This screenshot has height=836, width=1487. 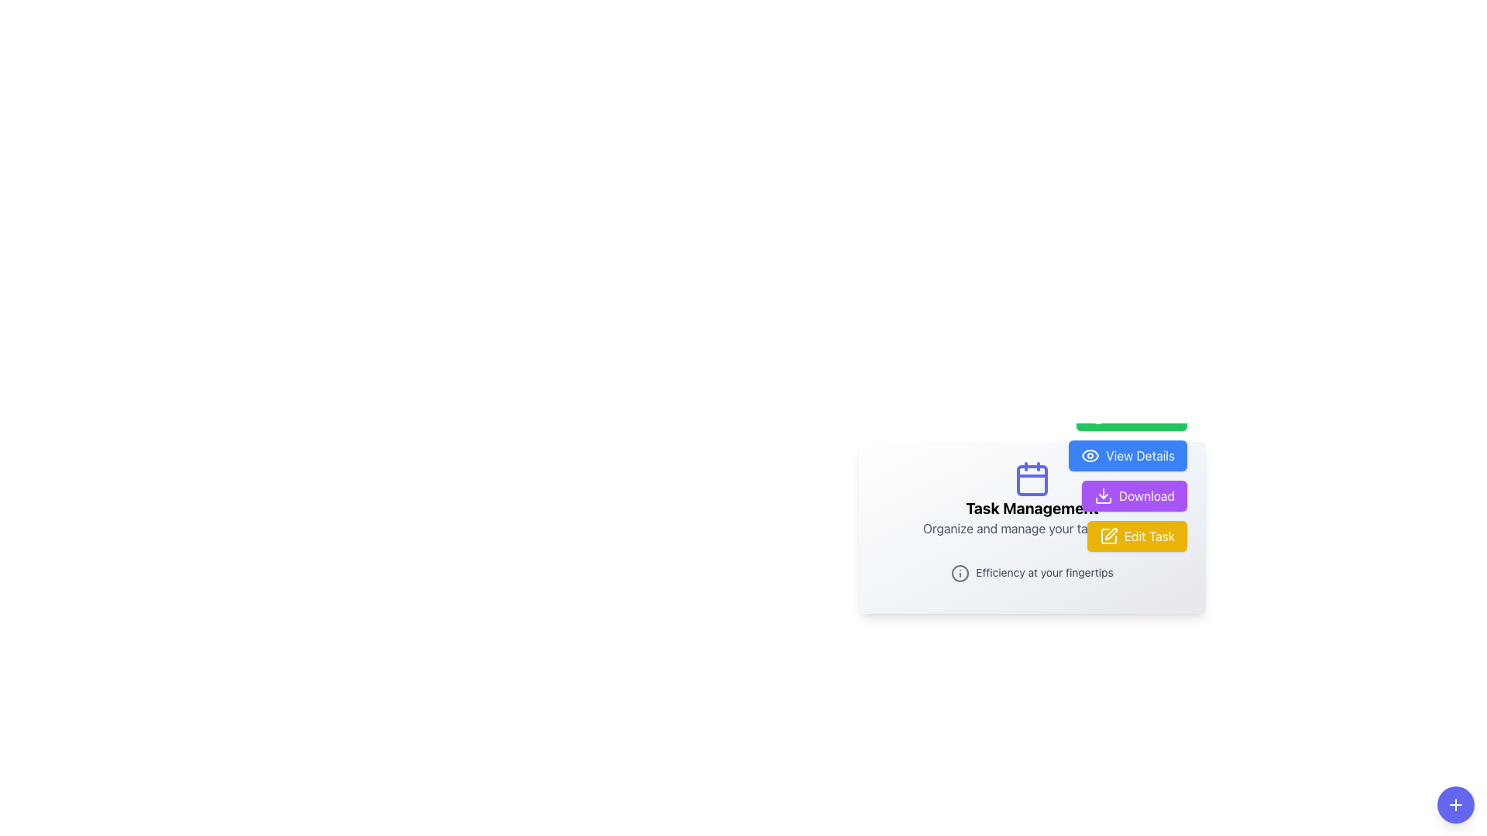 I want to click on the text label that reads 'Organize and manage your tasks easily', which is styled in gray and located below the heading 'Task Management', so click(x=1032, y=527).